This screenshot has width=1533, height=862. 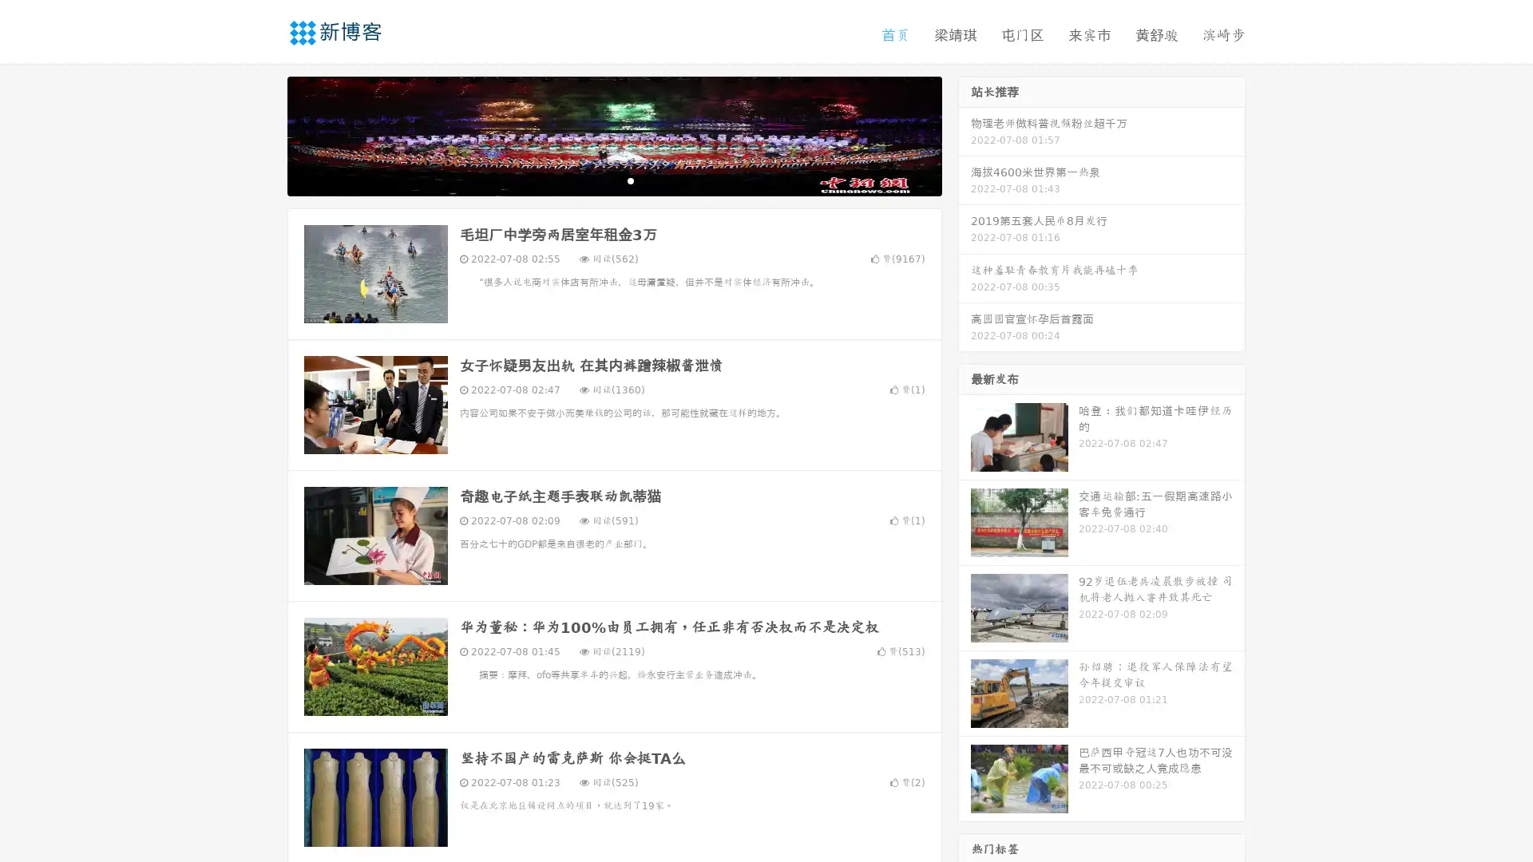 What do you see at coordinates (965, 134) in the screenshot?
I see `Next slide` at bounding box center [965, 134].